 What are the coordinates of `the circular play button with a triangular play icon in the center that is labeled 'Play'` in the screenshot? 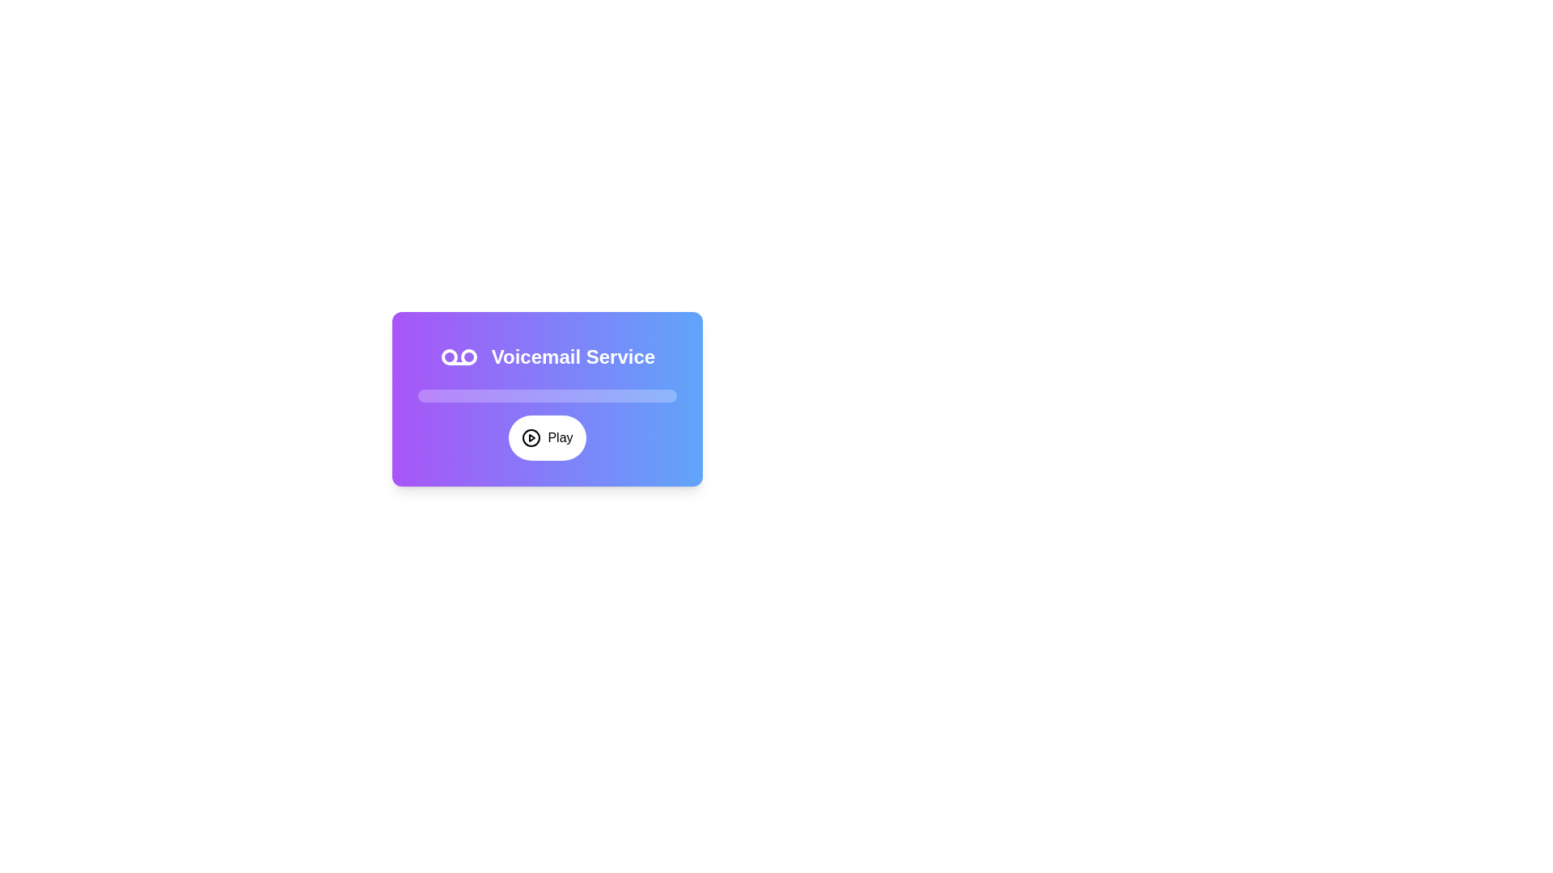 It's located at (531, 438).